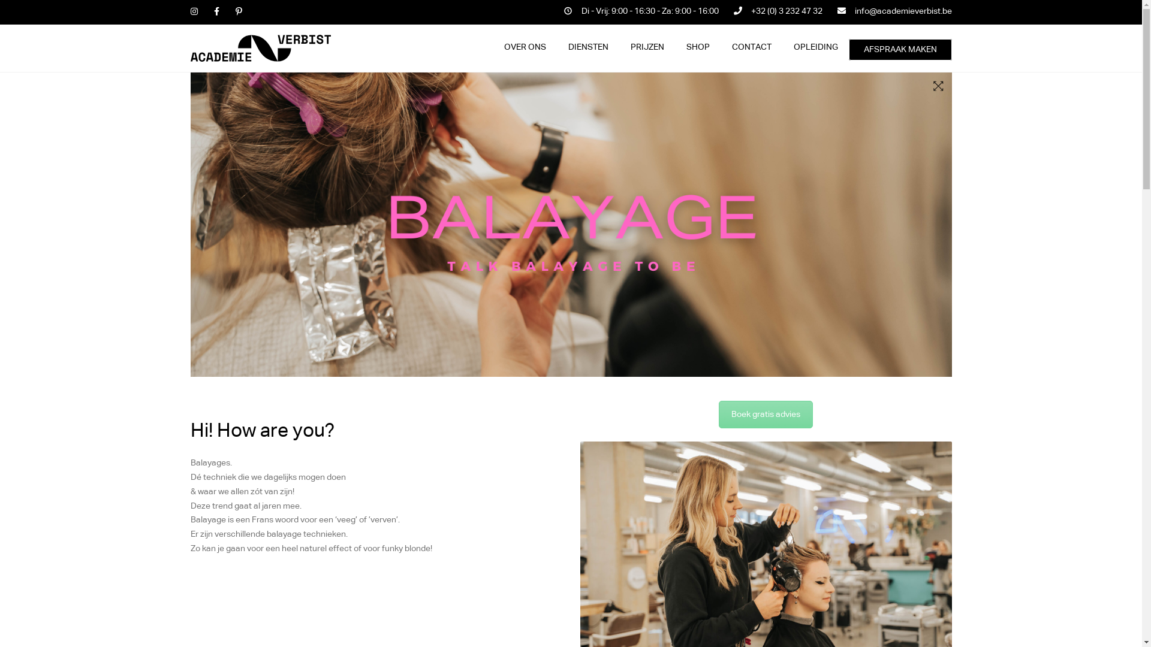 This screenshot has height=647, width=1151. Describe the element at coordinates (900, 49) in the screenshot. I see `'AFSPRAAK MAKEN'` at that location.